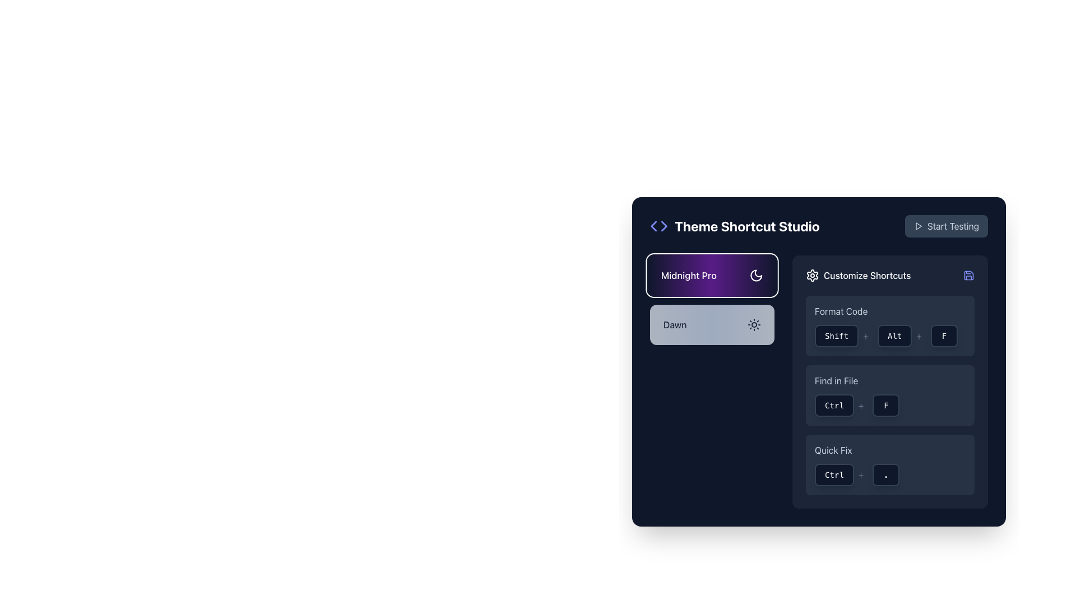  What do you see at coordinates (812, 276) in the screenshot?
I see `the graphical settings icon located to the right of the 'Theme Shortcut Studio' title in the upper-right section of the interface` at bounding box center [812, 276].